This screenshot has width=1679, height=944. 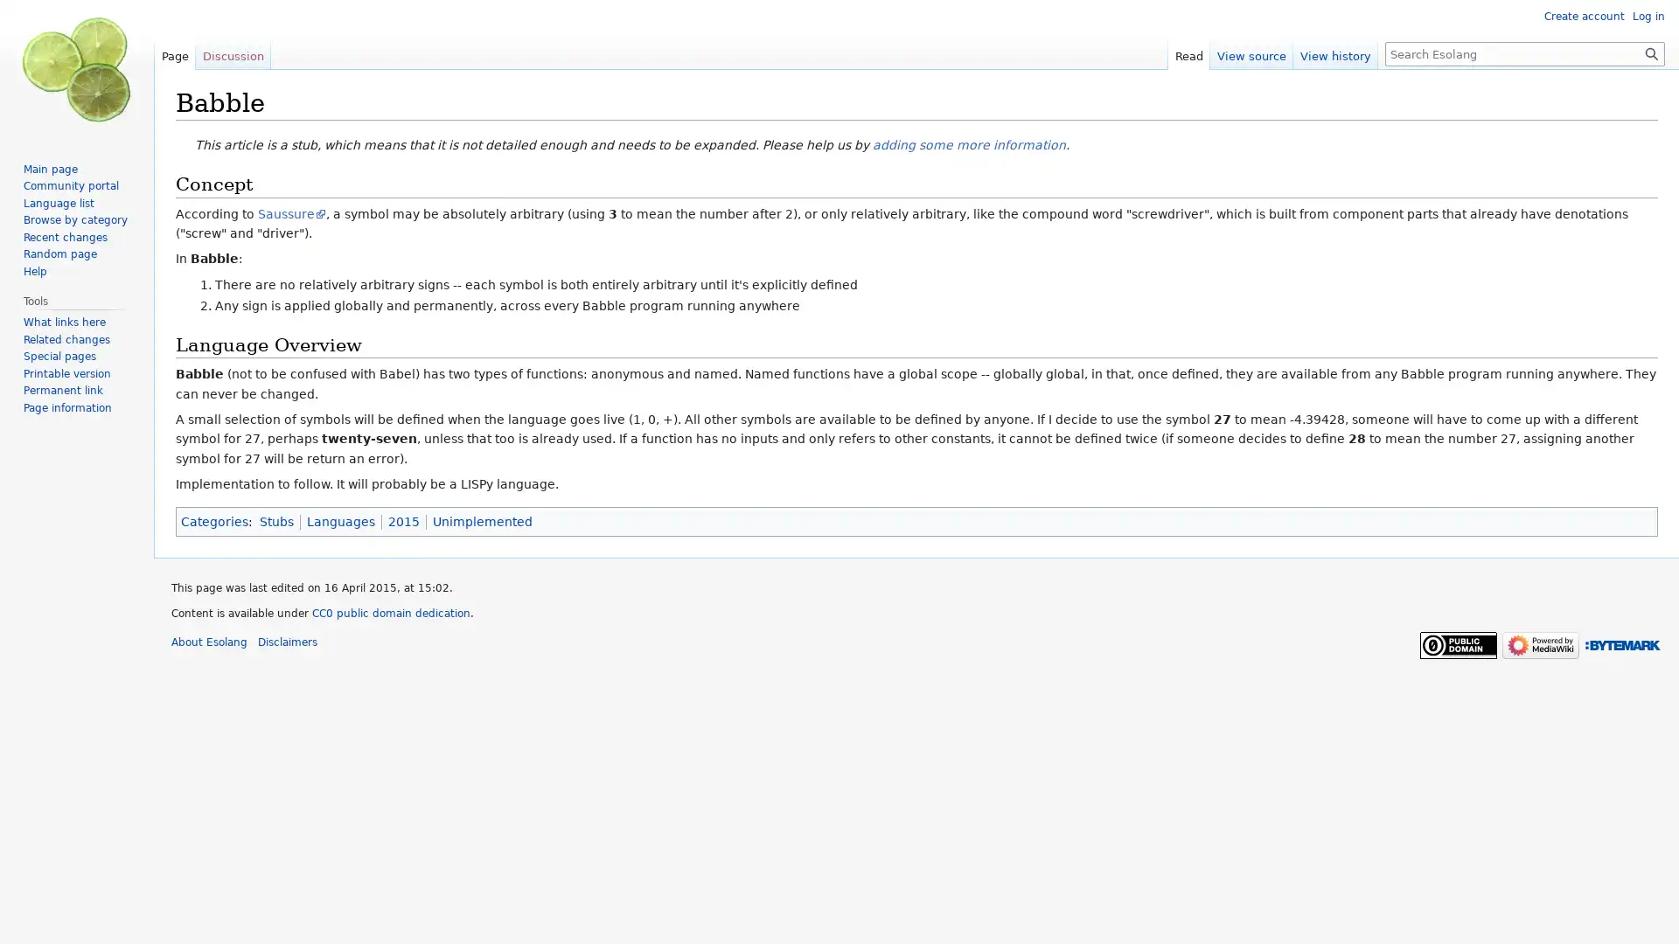 I want to click on Go, so click(x=1651, y=52).